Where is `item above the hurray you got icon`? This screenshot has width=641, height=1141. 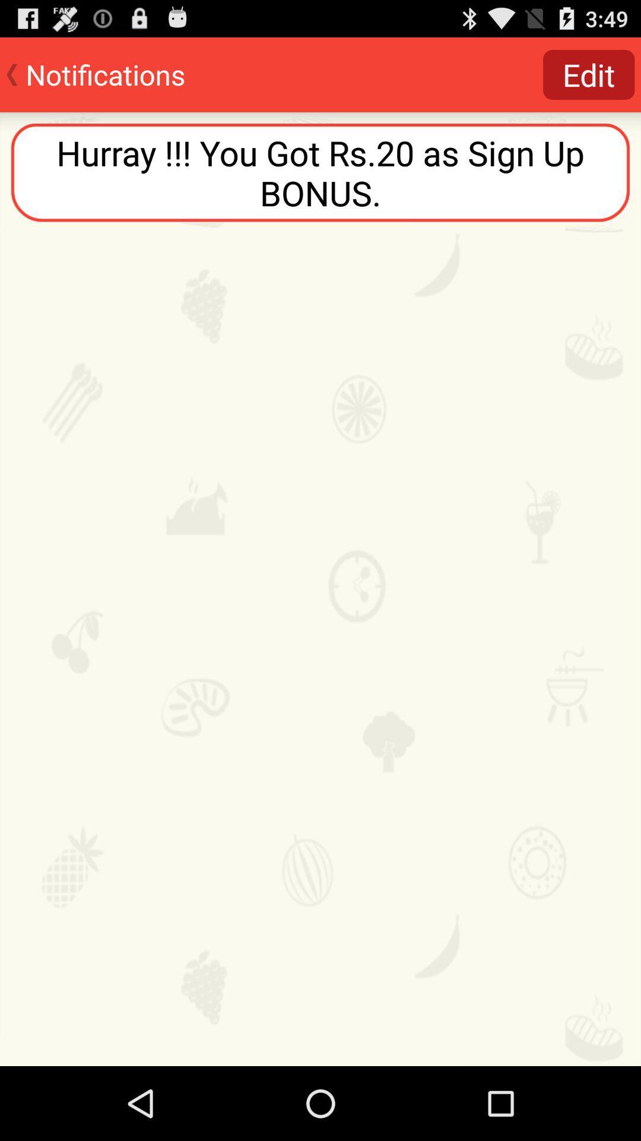 item above the hurray you got icon is located at coordinates (589, 74).